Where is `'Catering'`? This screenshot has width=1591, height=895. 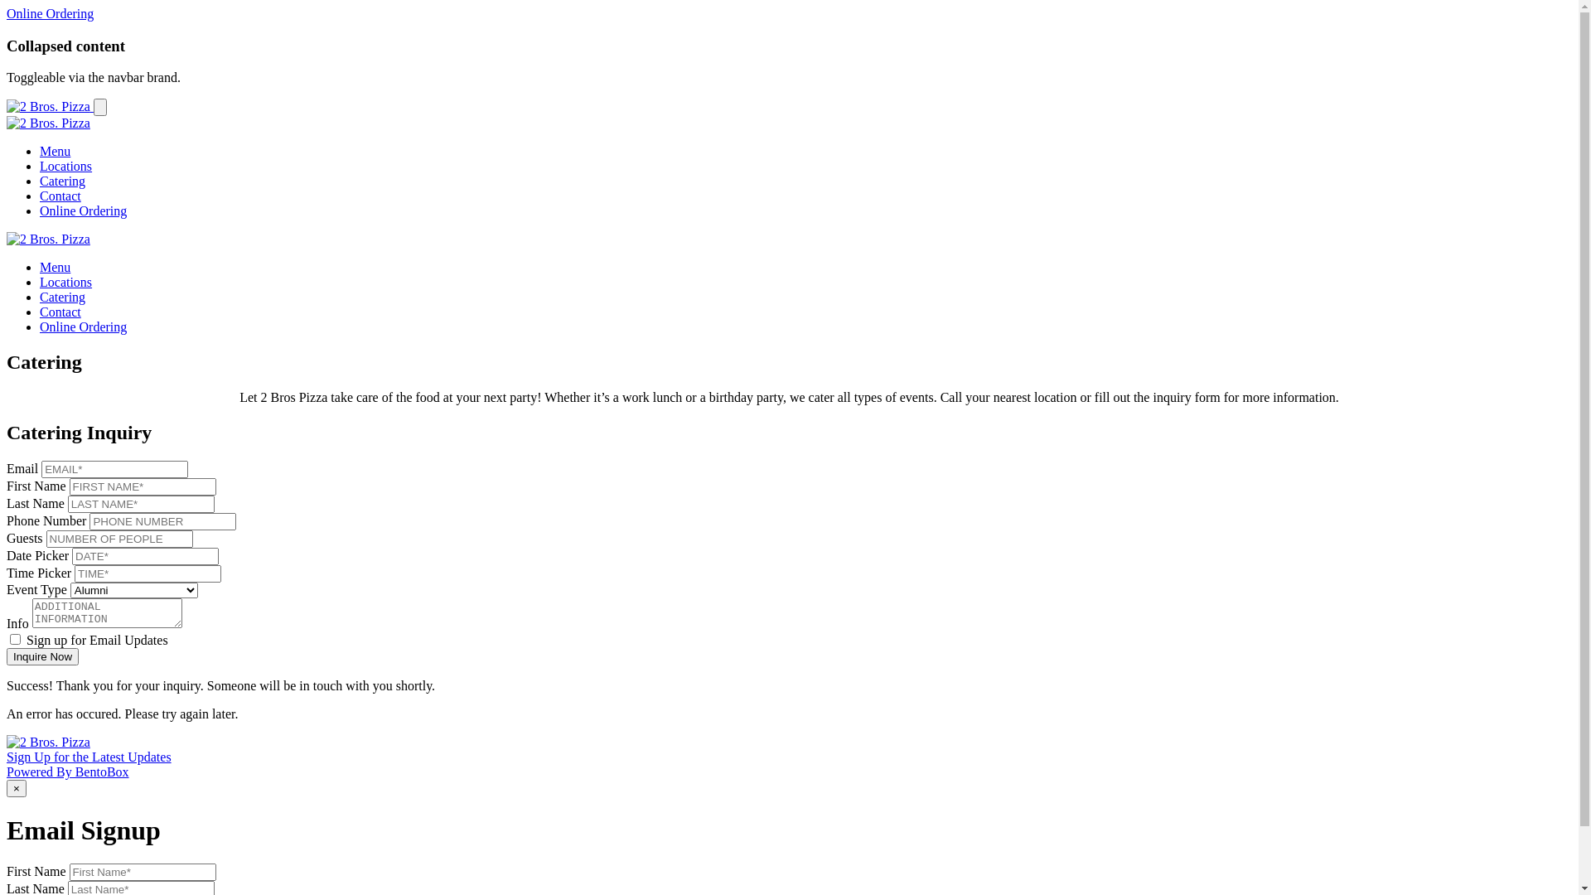 'Catering' is located at coordinates (62, 181).